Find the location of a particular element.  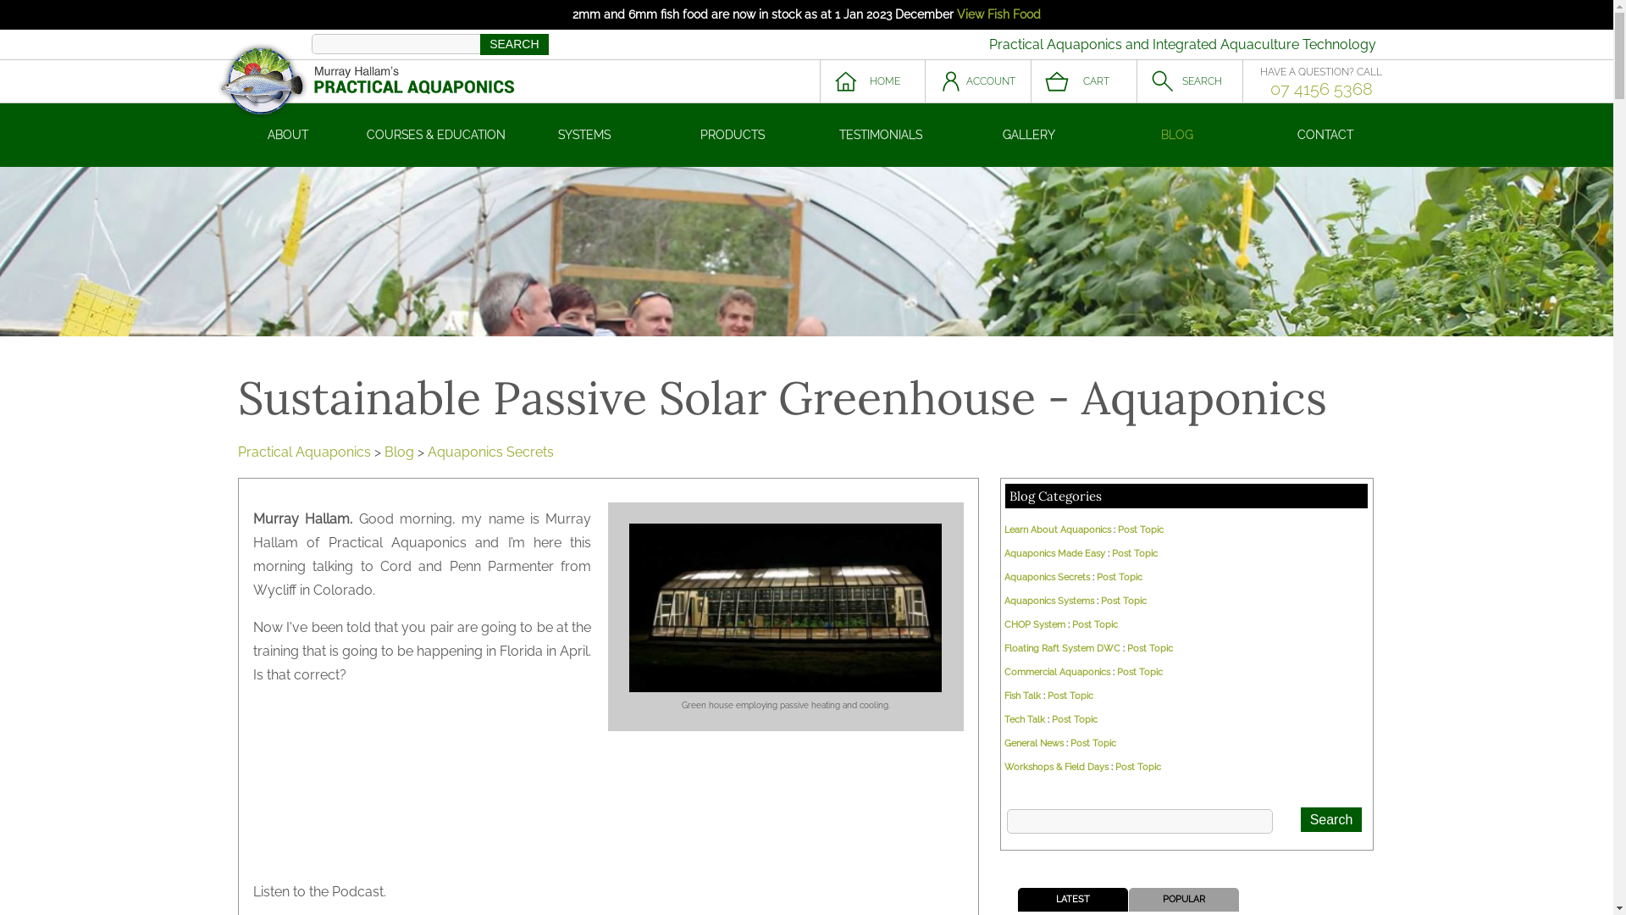

'Commercial Aquaponics' is located at coordinates (1004, 671).